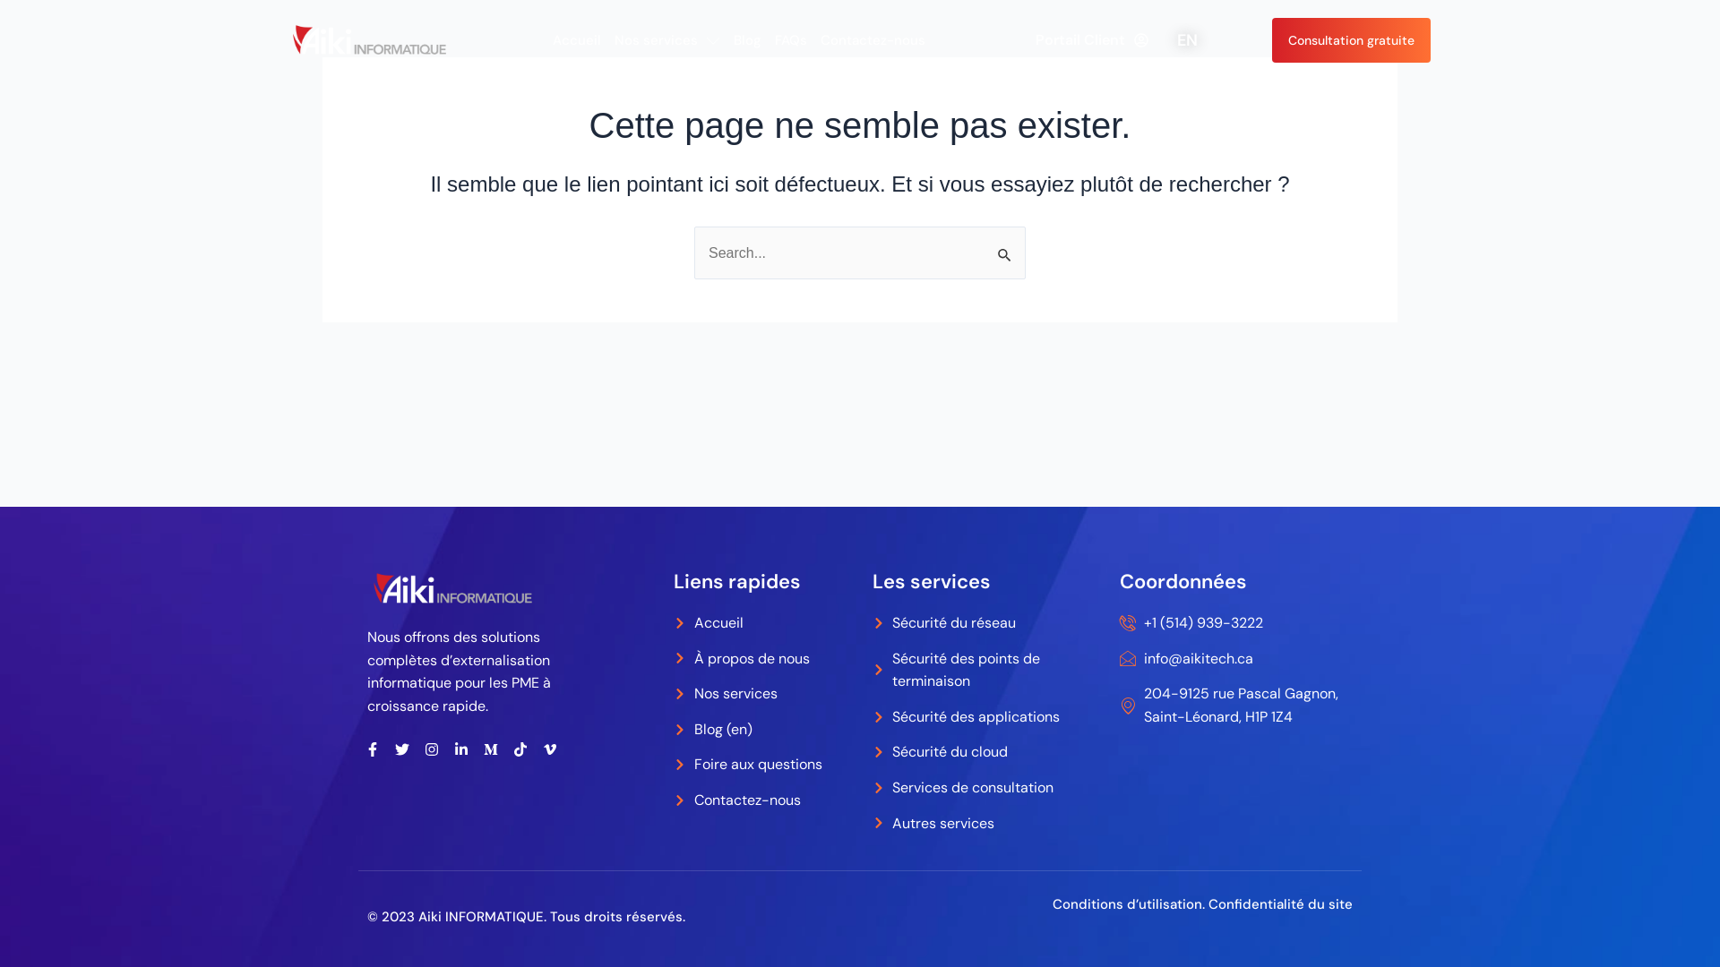  What do you see at coordinates (549, 749) in the screenshot?
I see `'Vimeo-v'` at bounding box center [549, 749].